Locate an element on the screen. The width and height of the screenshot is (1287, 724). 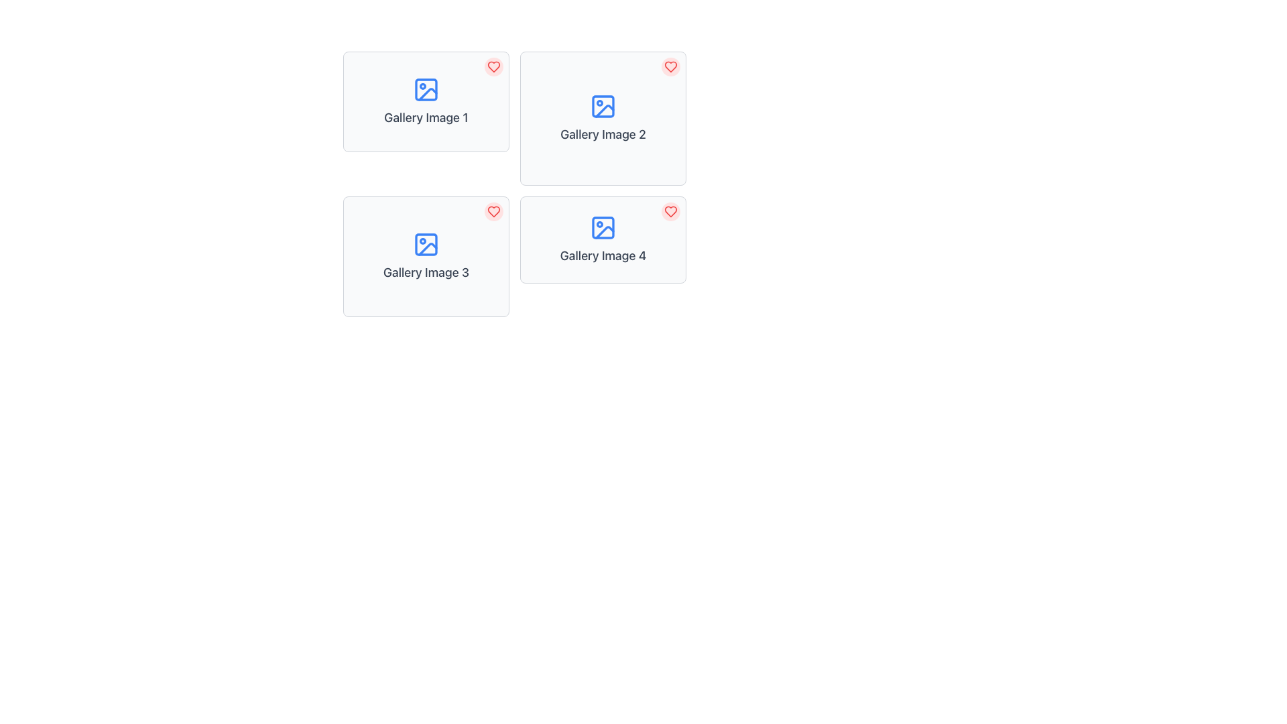
the decorative shape icon located in the bottom left quadrant of the third gallery card ('Gallery Image 3') in the second row, first column is located at coordinates (427, 249).